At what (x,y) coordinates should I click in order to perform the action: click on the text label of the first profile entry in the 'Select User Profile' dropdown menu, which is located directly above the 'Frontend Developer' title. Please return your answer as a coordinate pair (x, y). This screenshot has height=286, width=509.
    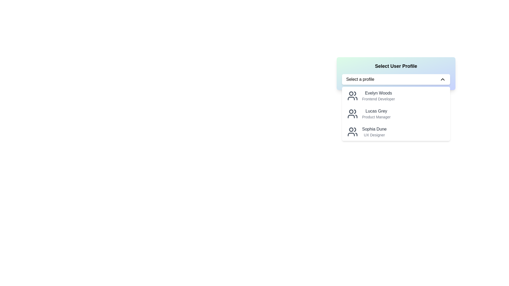
    Looking at the image, I should click on (378, 93).